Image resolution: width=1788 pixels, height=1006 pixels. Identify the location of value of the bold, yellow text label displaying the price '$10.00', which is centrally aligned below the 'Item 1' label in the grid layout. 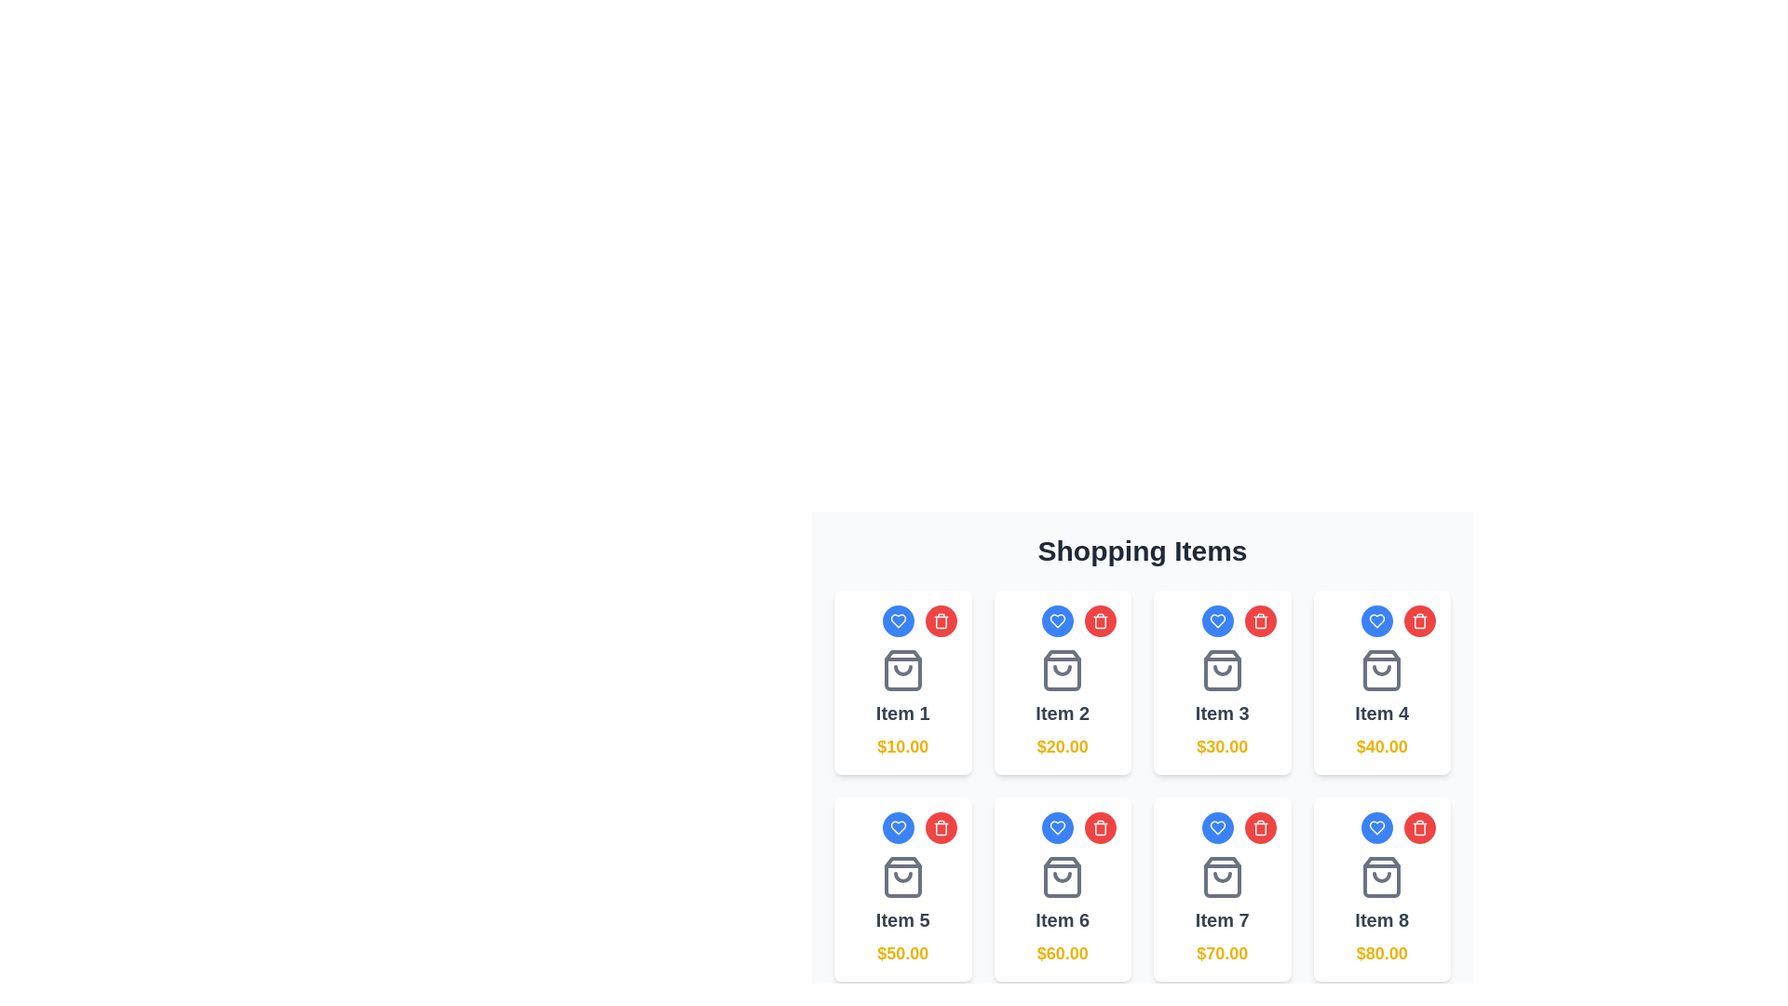
(902, 746).